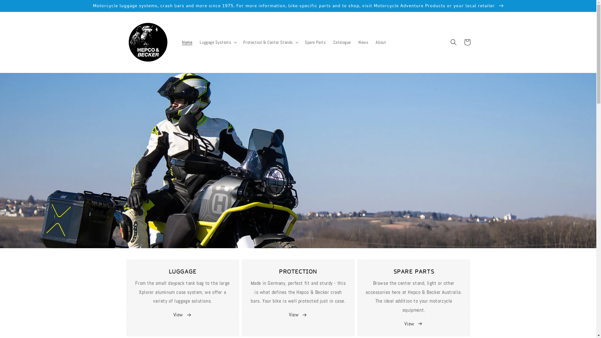 This screenshot has width=601, height=338. I want to click on 'Cart', so click(467, 42).